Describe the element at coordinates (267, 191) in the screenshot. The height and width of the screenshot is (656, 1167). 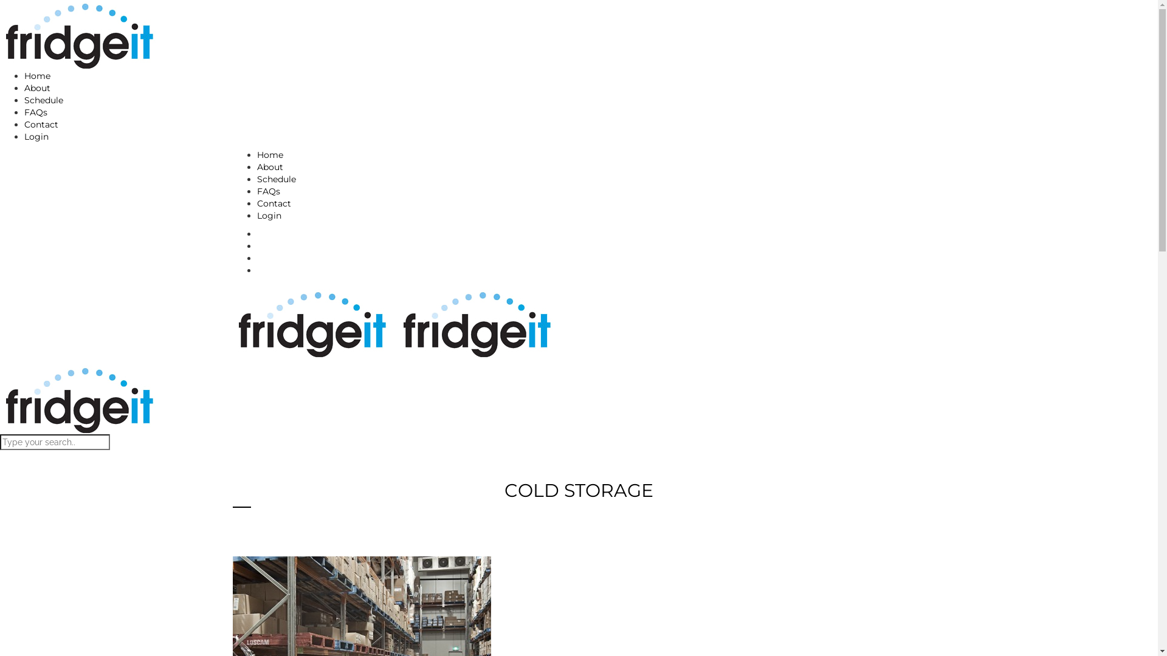
I see `'FAQs'` at that location.